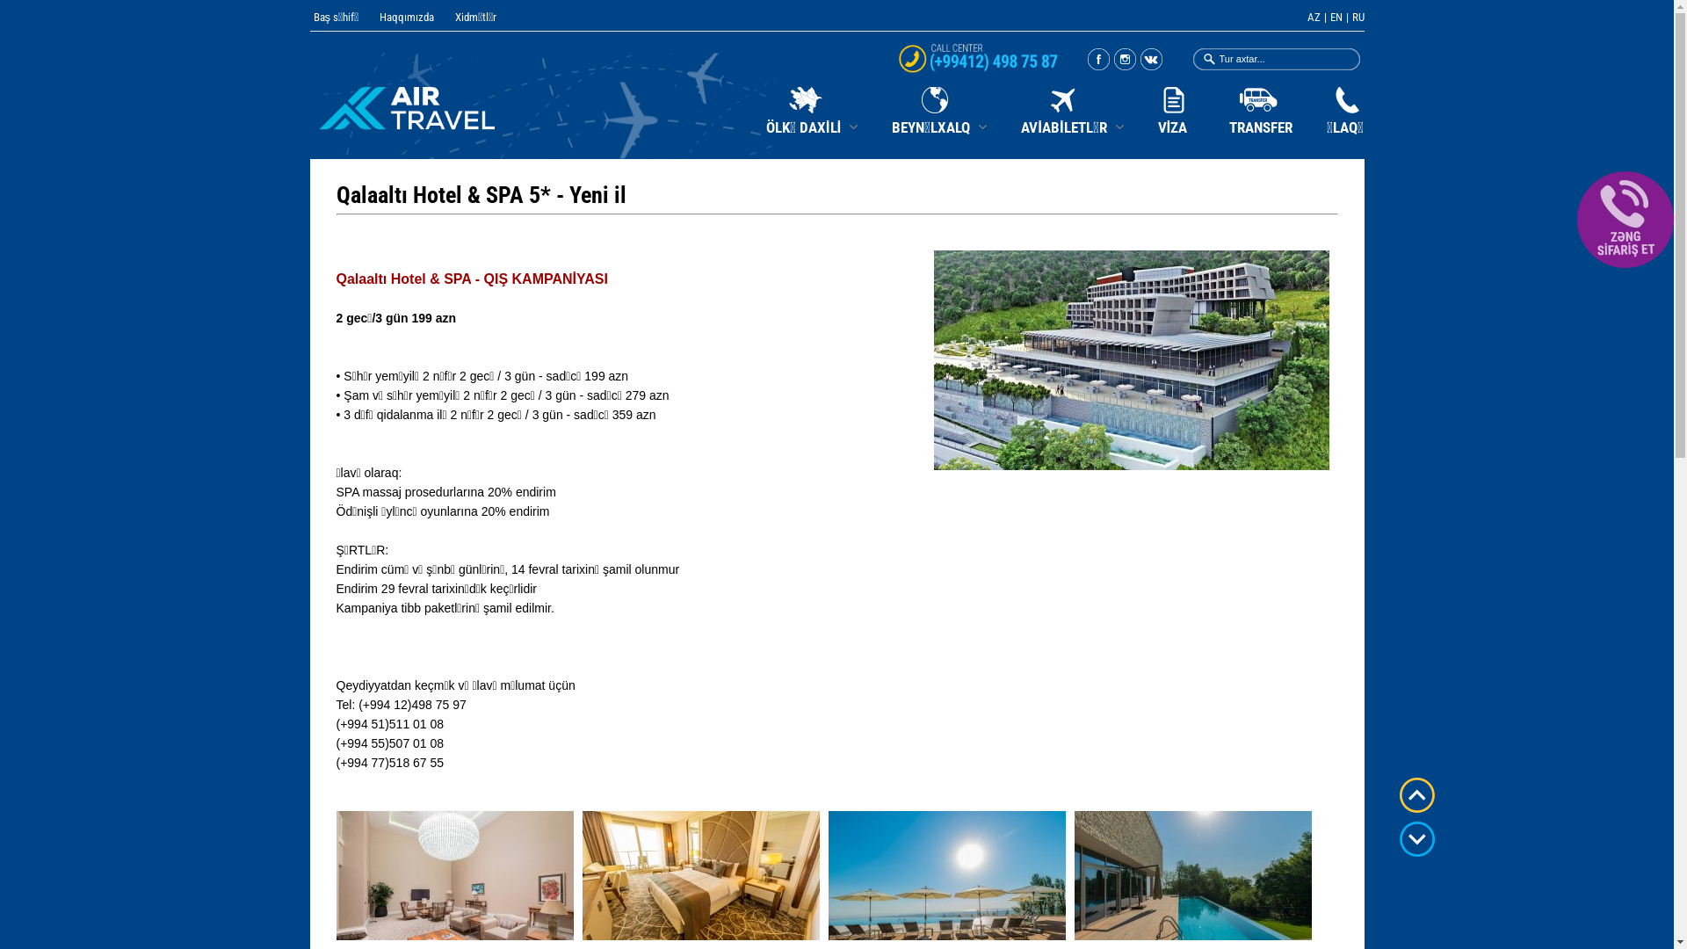  I want to click on 'EN', so click(1329, 17).